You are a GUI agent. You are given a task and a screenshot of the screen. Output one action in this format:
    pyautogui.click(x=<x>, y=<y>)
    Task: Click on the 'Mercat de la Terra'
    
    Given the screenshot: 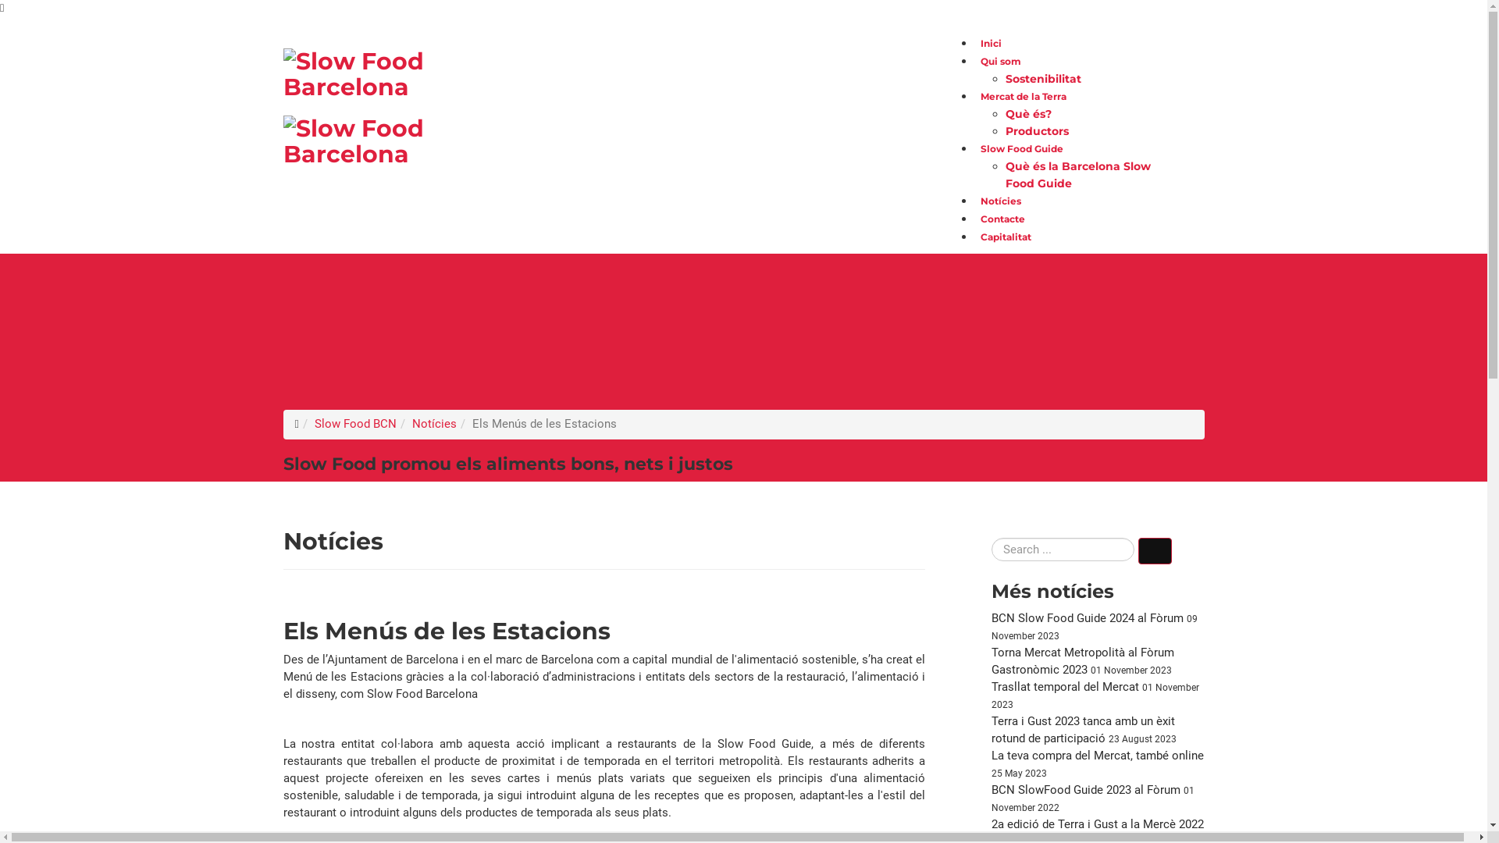 What is the action you would take?
    pyautogui.click(x=1023, y=96)
    